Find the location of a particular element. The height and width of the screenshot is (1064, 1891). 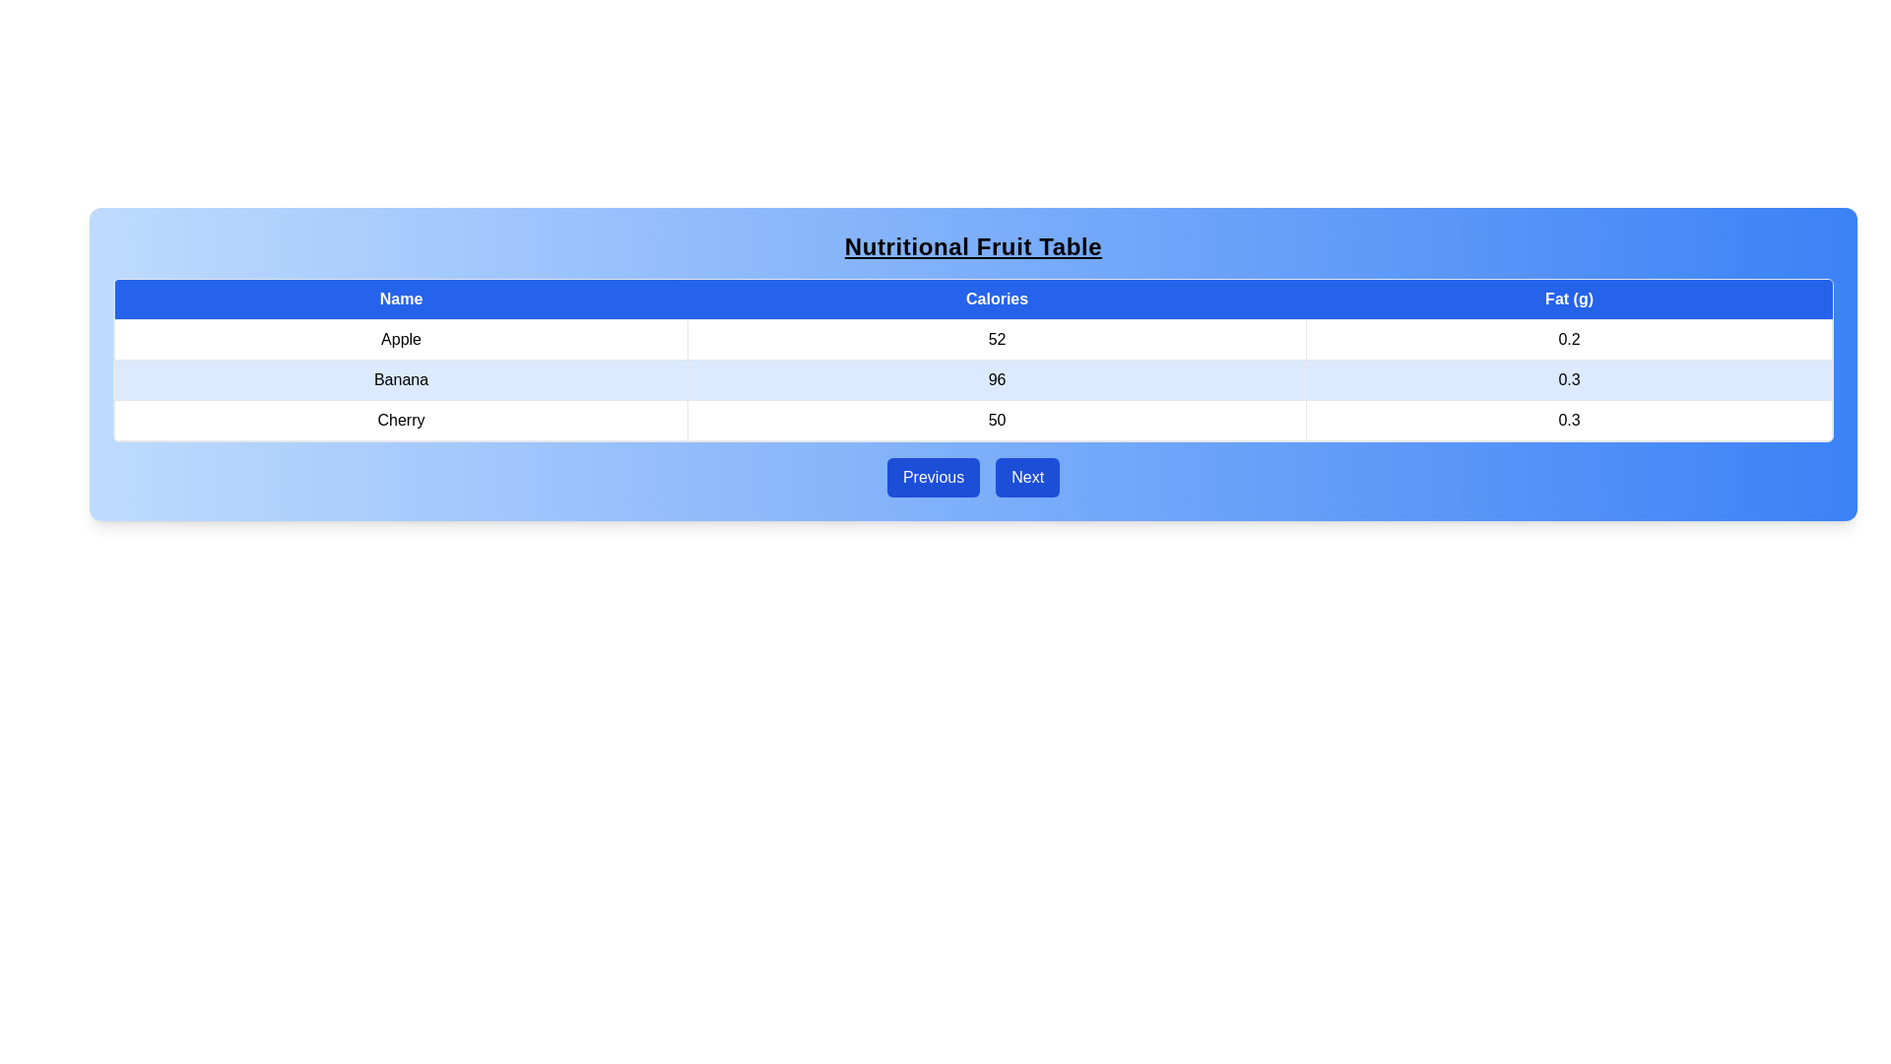

the table cell displaying the calorie count for 'Apple', which is located in the second column of the first data row under the 'Calories' column is located at coordinates (973, 338).